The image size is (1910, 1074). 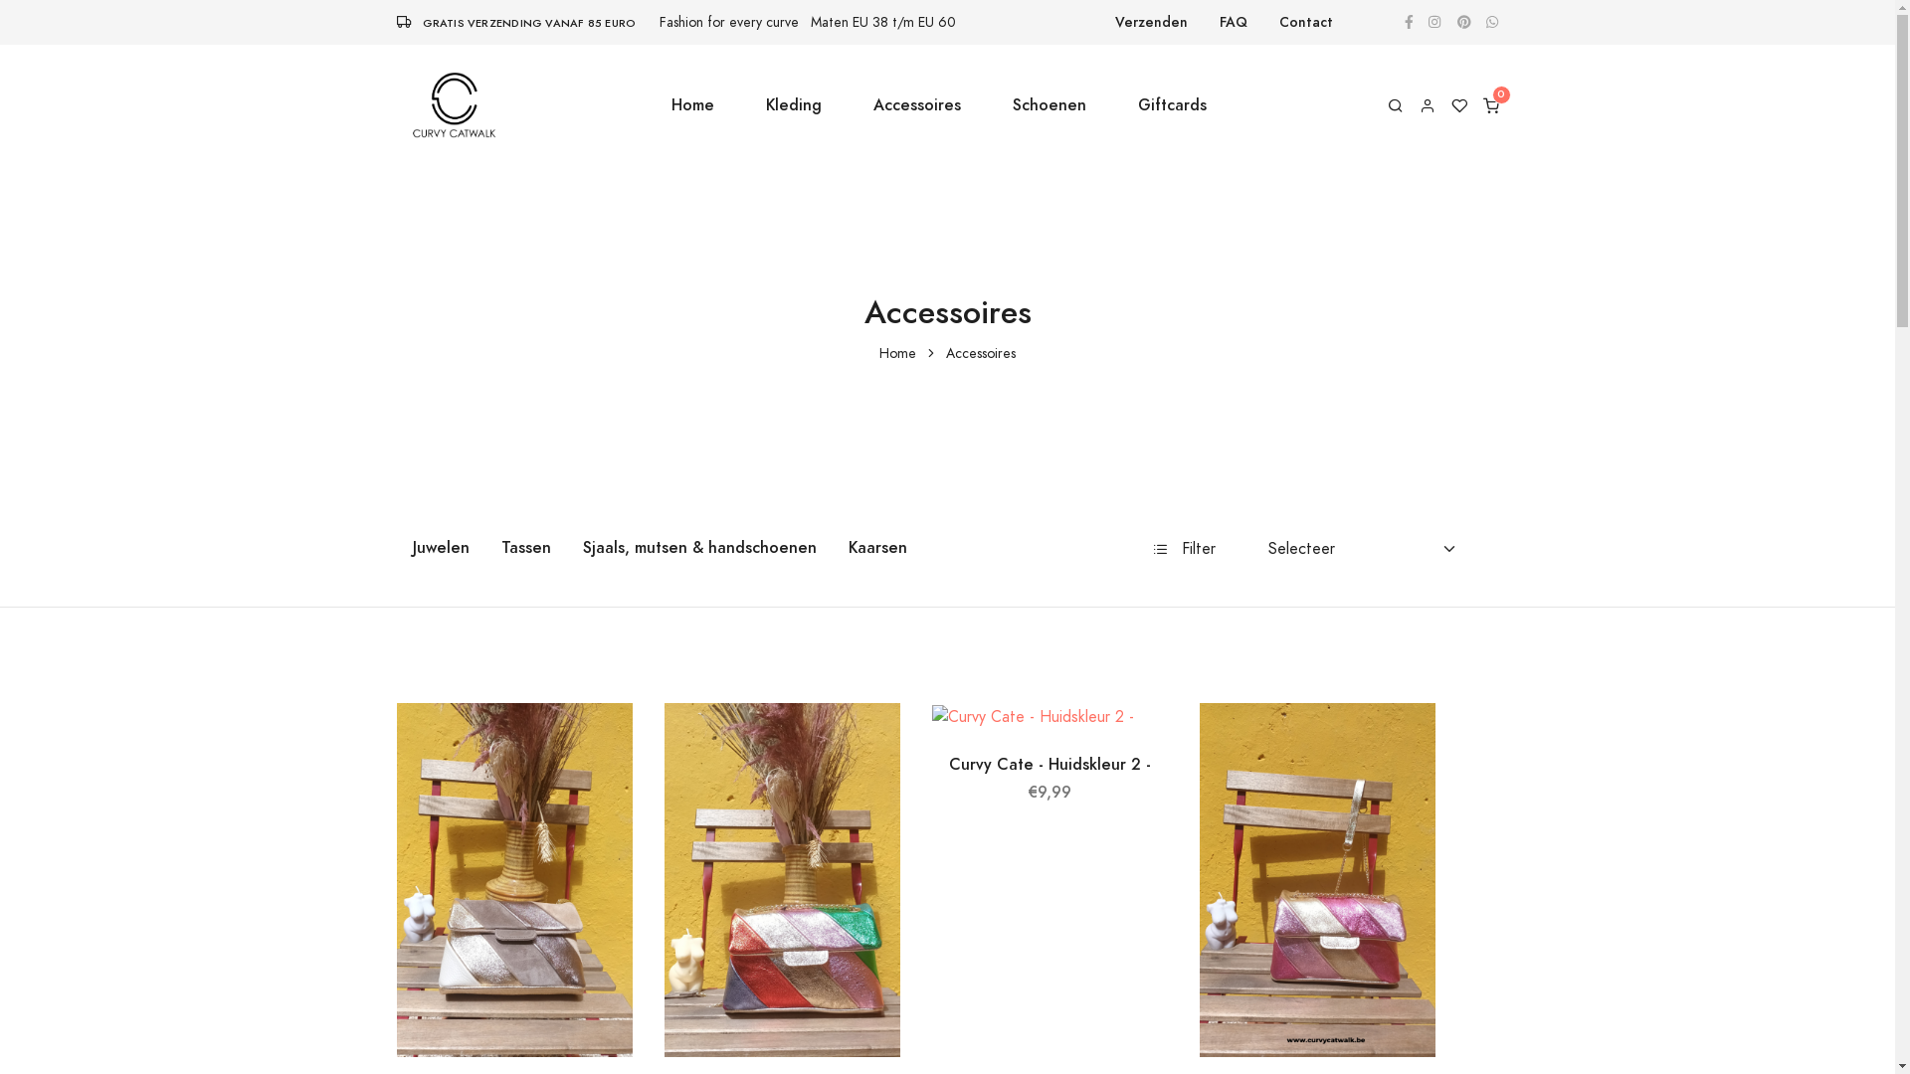 What do you see at coordinates (1049, 104) in the screenshot?
I see `'Schoenen'` at bounding box center [1049, 104].